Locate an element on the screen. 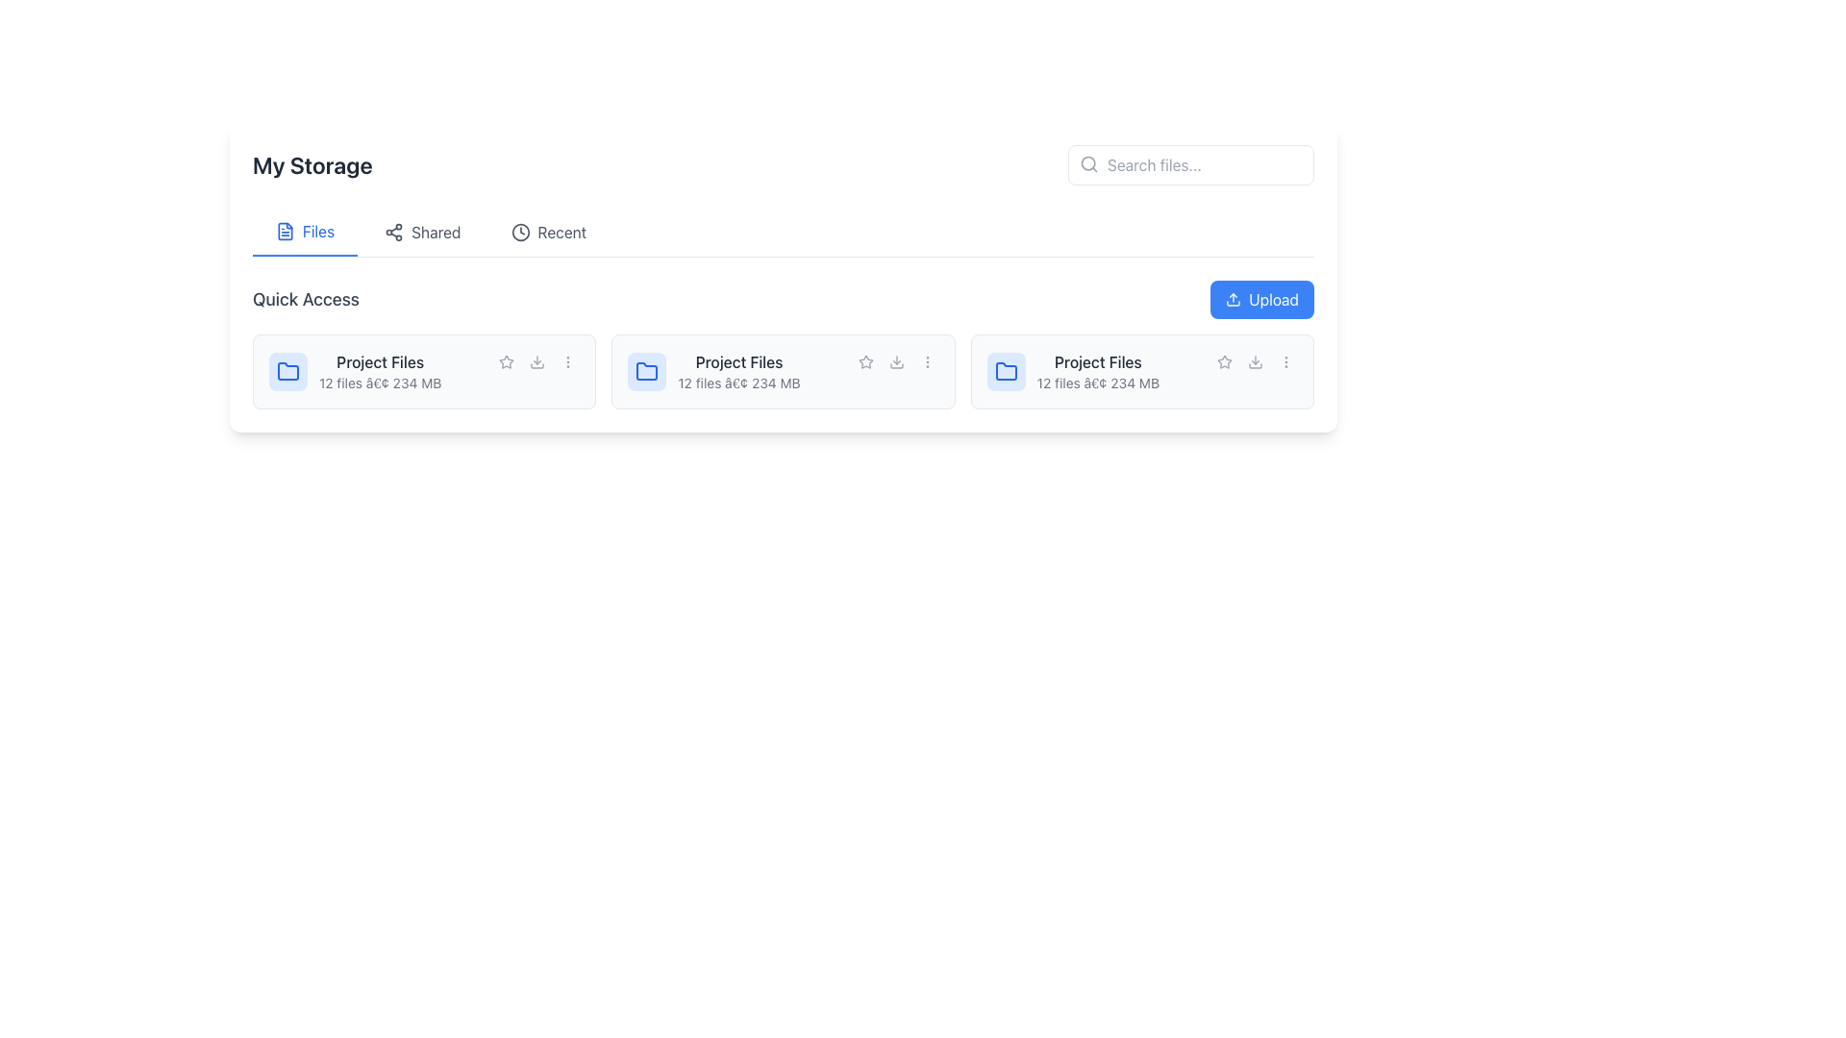  the second clickable folder tile in the 'Quick Access' section is located at coordinates (784, 371).